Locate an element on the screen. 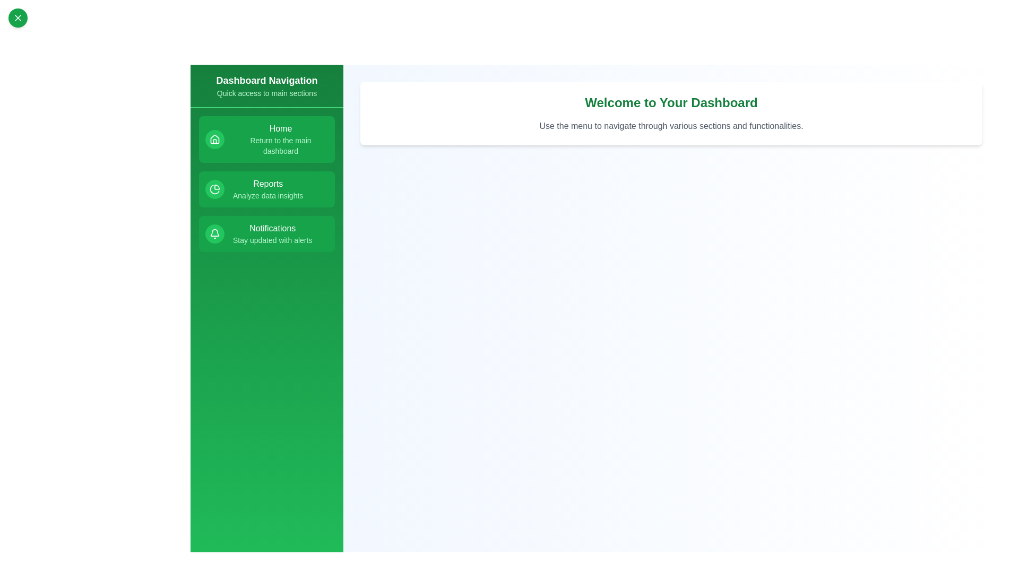 Image resolution: width=1019 pixels, height=573 pixels. the menu item corresponding to Notifications to navigate to its section is located at coordinates (267, 233).